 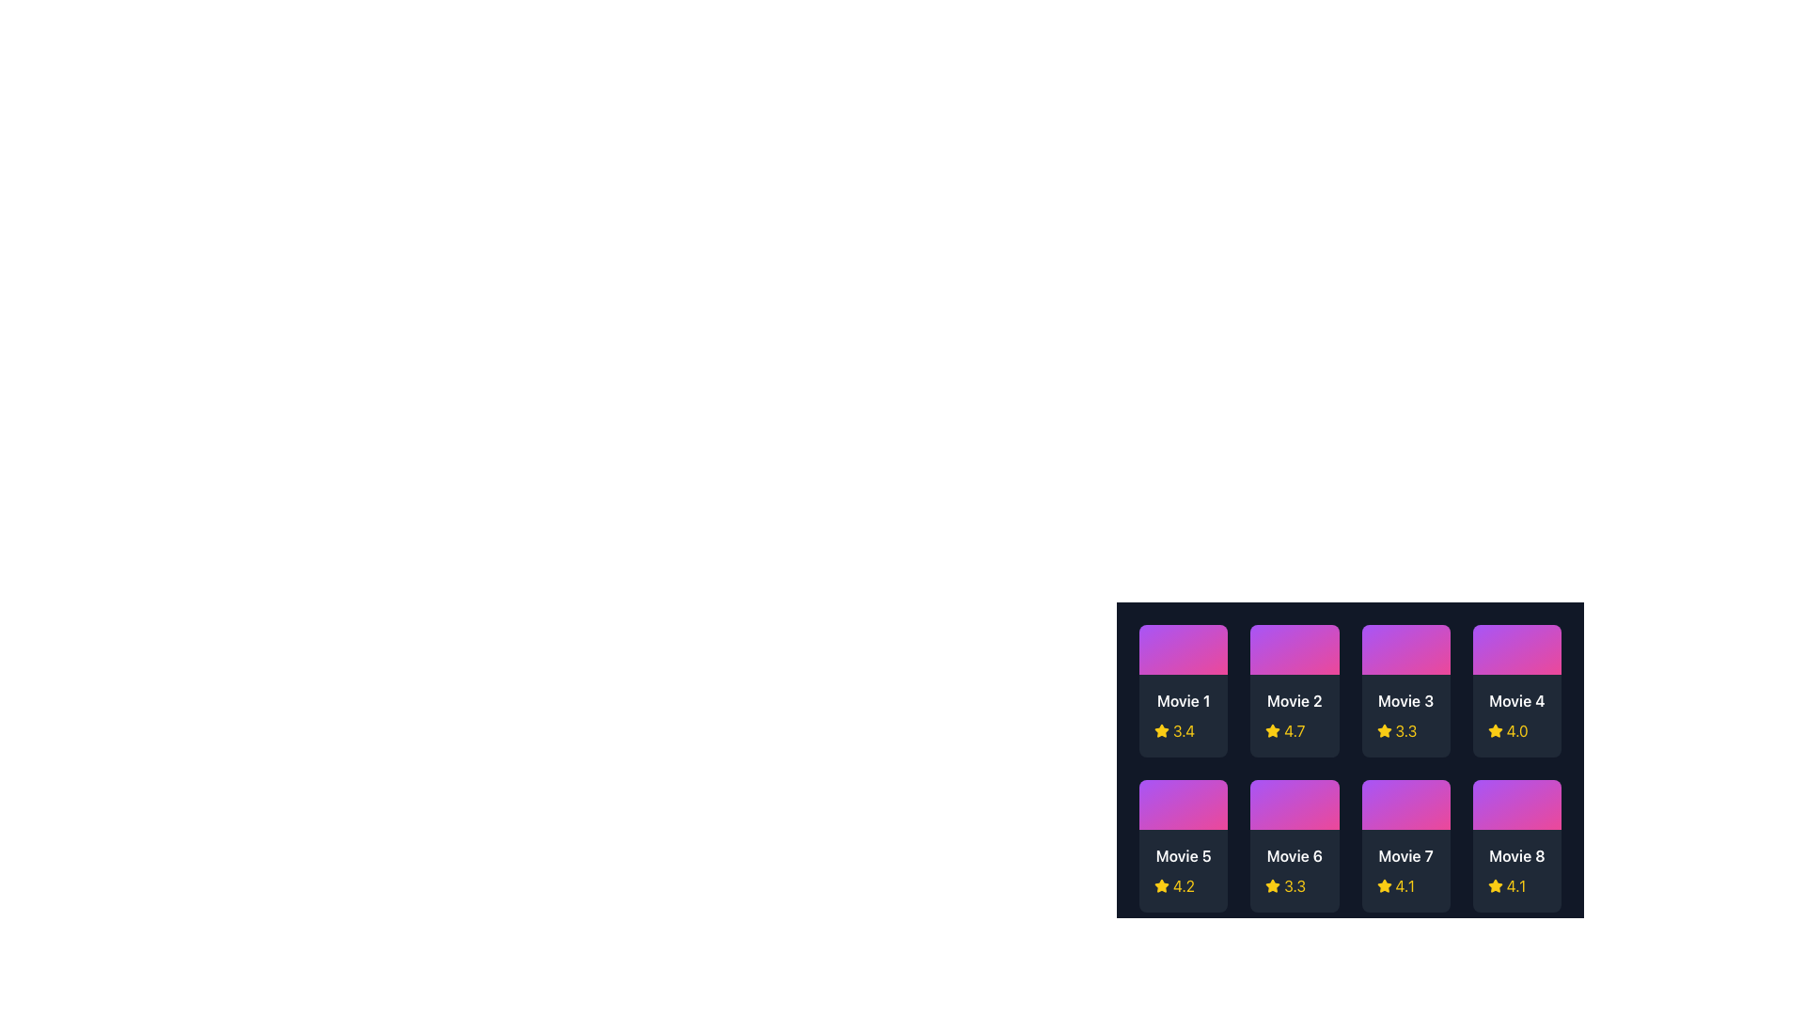 What do you see at coordinates (1294, 886) in the screenshot?
I see `the rating display element for 'Movie 6', which includes a yellow star icon and the numeric rating '3.3'` at bounding box center [1294, 886].